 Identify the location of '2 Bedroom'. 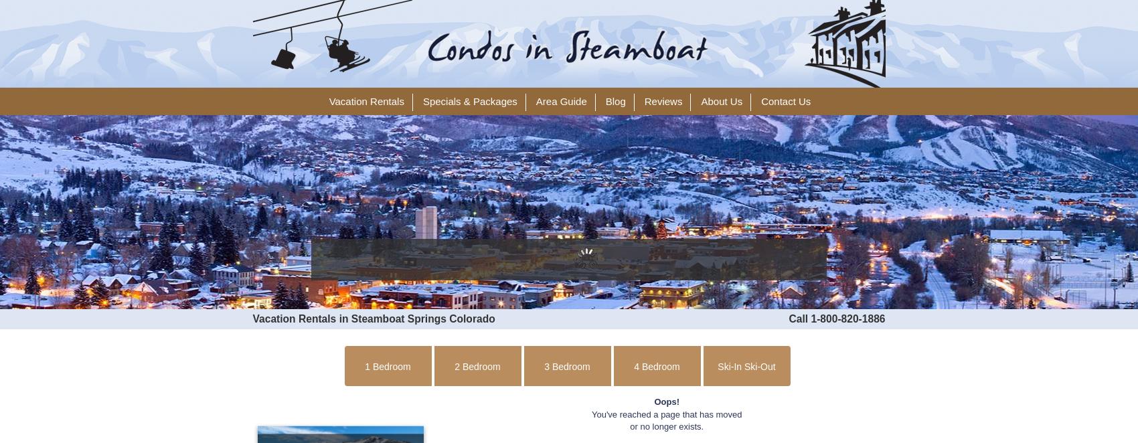
(477, 367).